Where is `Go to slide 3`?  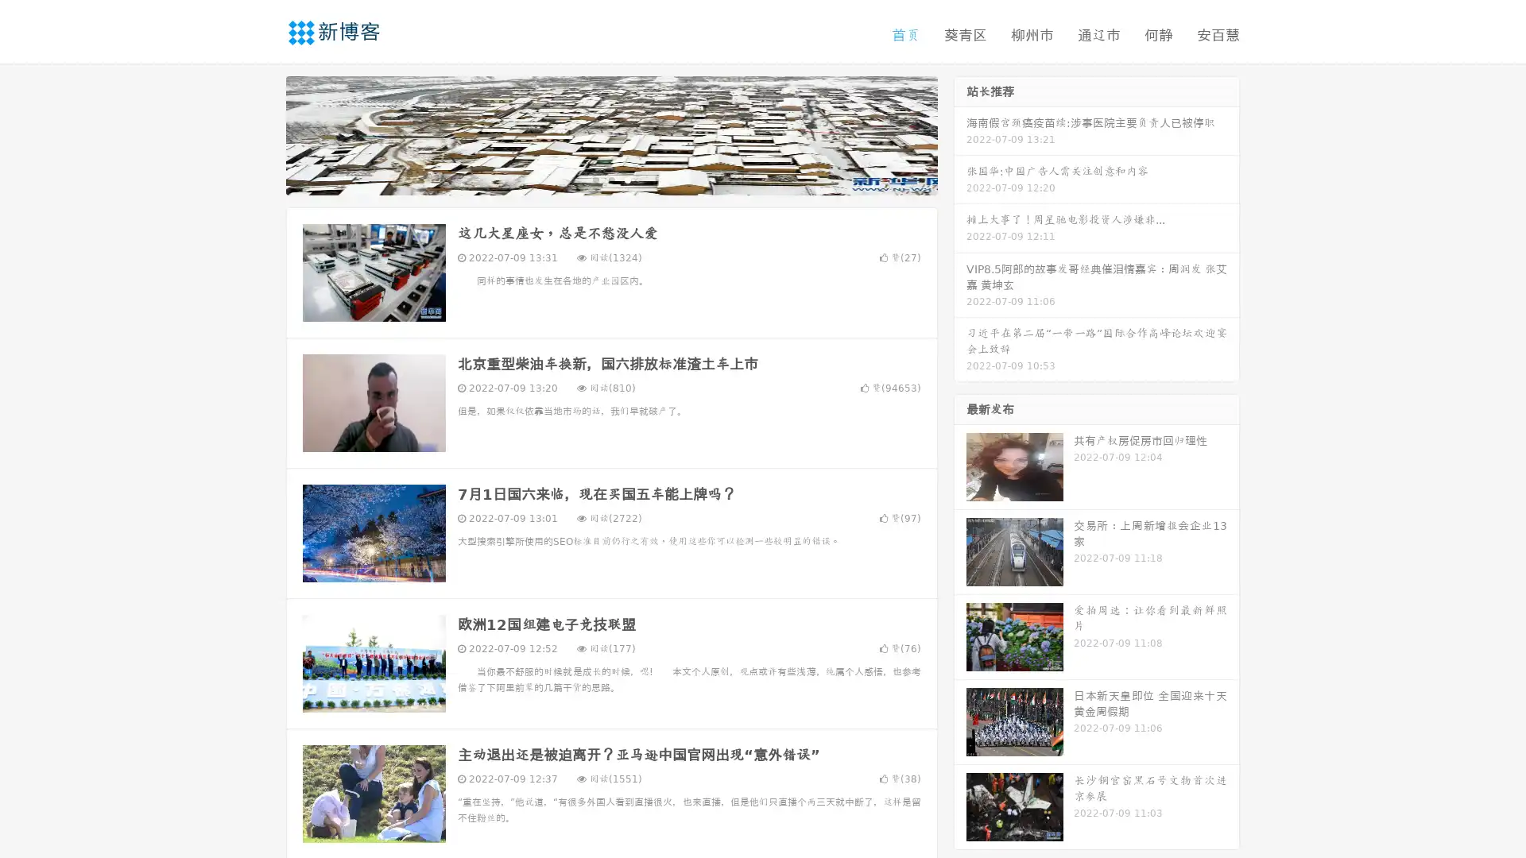
Go to slide 3 is located at coordinates (627, 179).